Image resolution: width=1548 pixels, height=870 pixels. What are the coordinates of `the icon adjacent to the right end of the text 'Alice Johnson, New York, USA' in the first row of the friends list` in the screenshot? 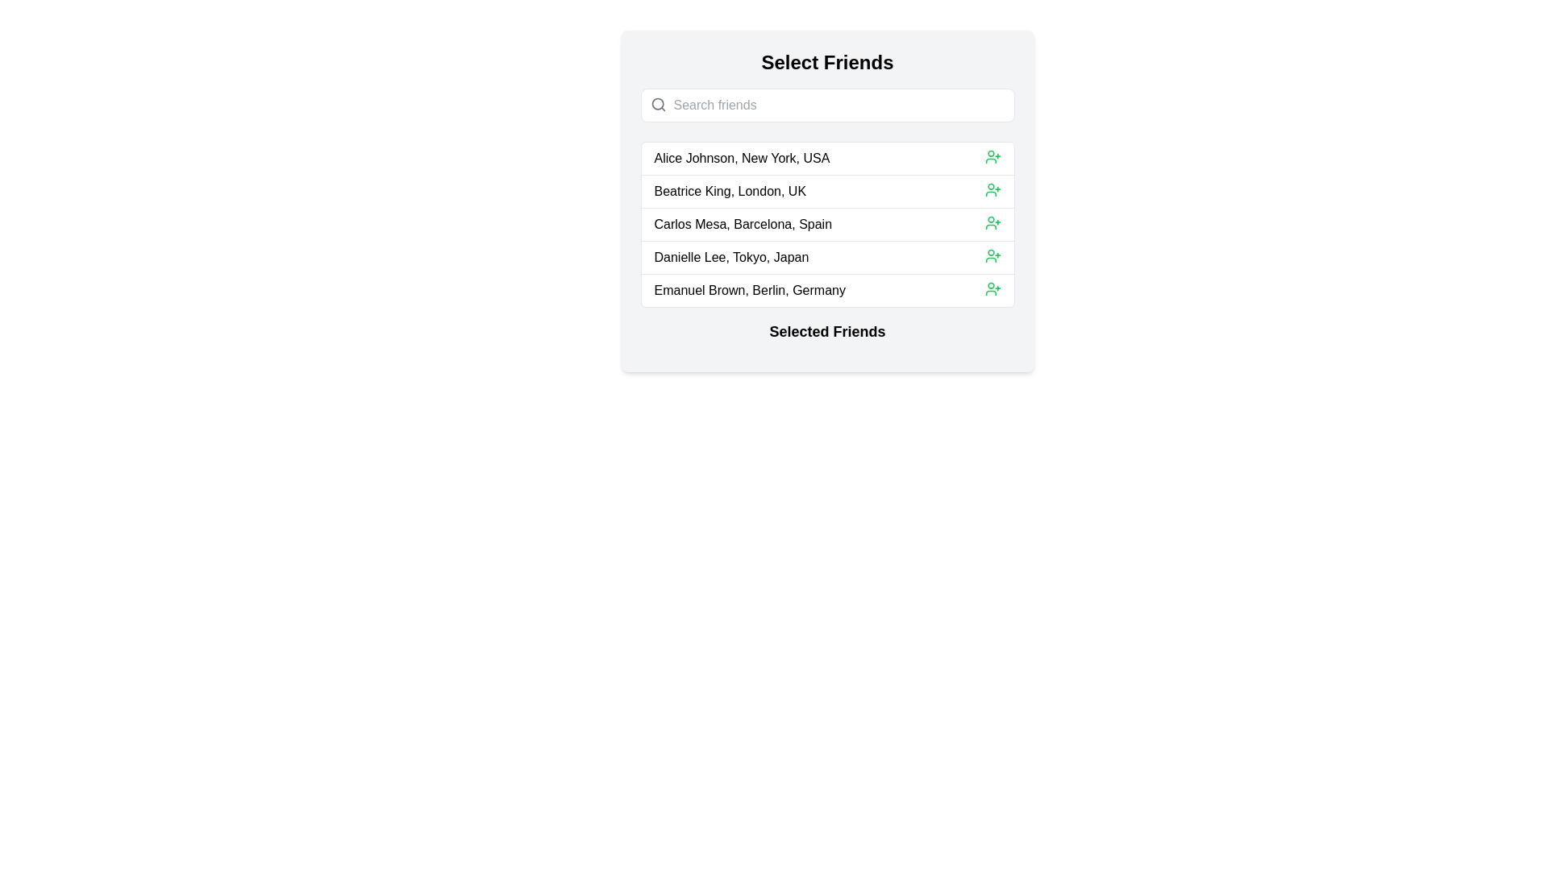 It's located at (992, 157).